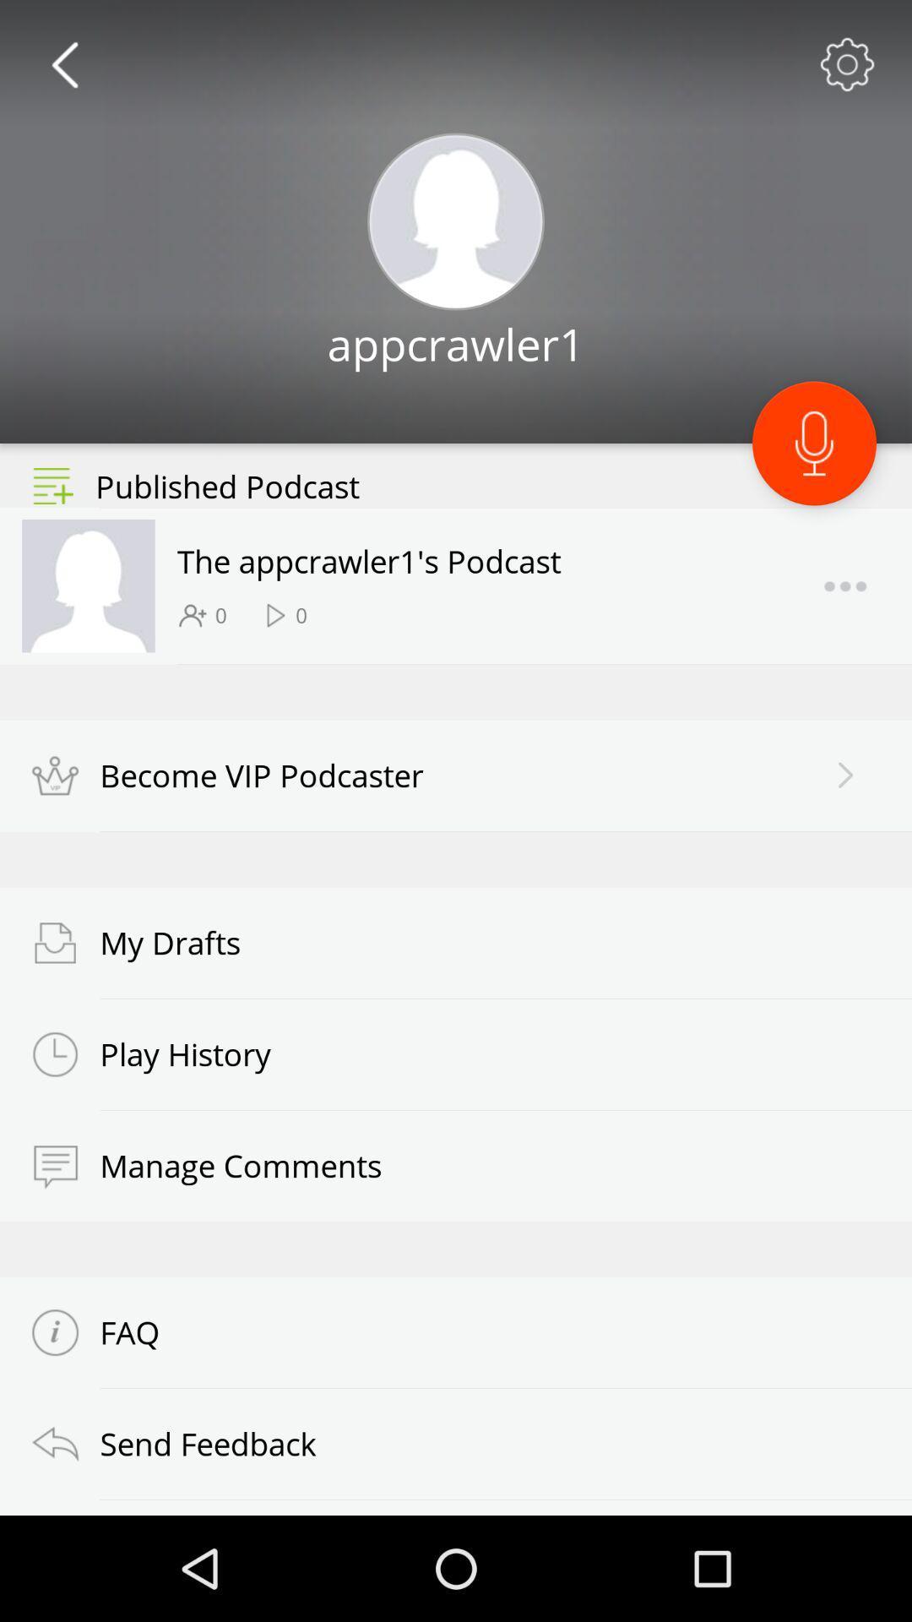 The width and height of the screenshot is (912, 1622). What do you see at coordinates (813, 473) in the screenshot?
I see `the microphone icon` at bounding box center [813, 473].